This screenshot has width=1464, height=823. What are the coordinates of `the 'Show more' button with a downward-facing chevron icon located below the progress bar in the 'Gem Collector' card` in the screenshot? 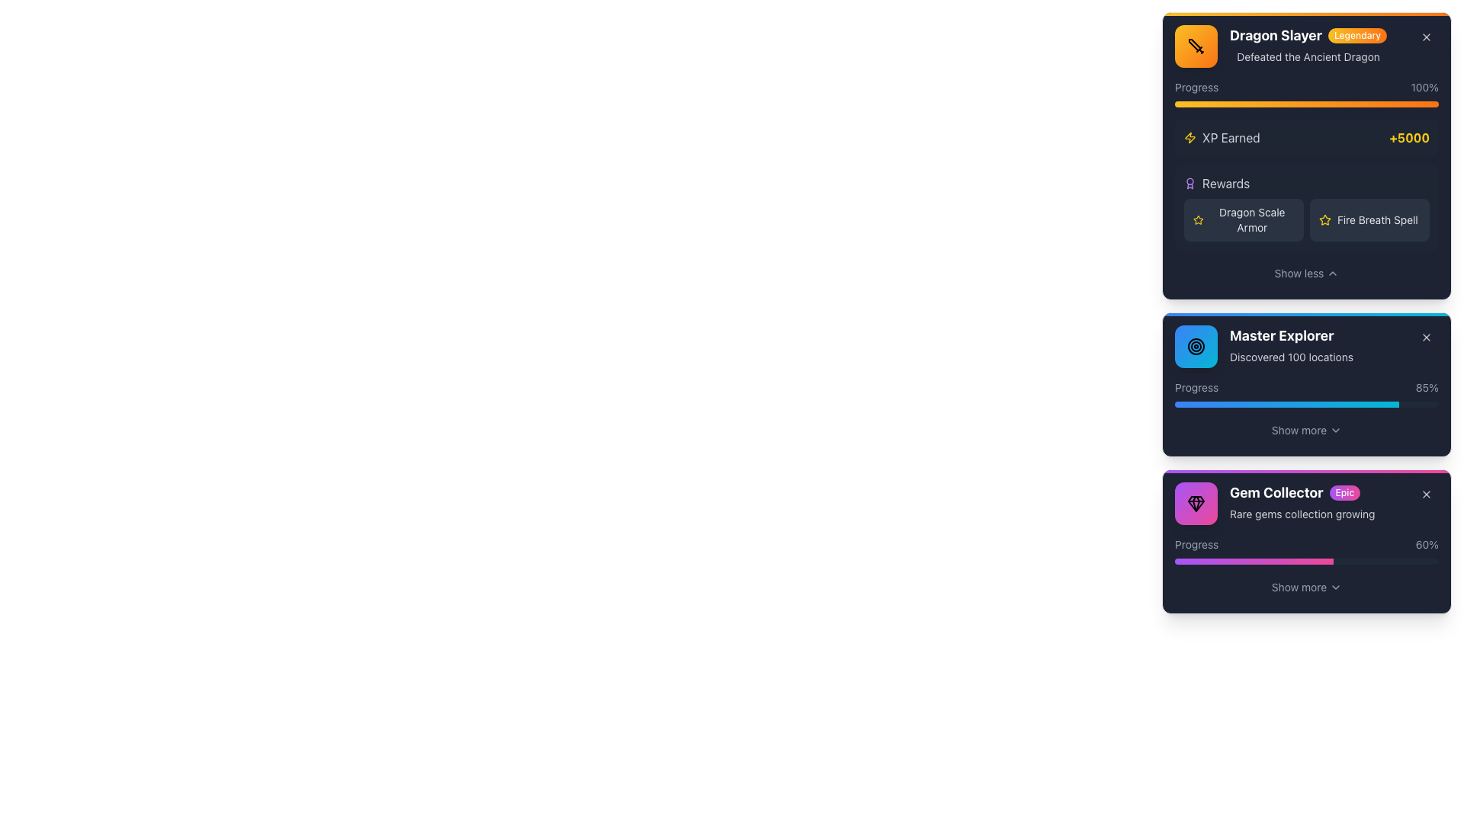 It's located at (1305, 587).